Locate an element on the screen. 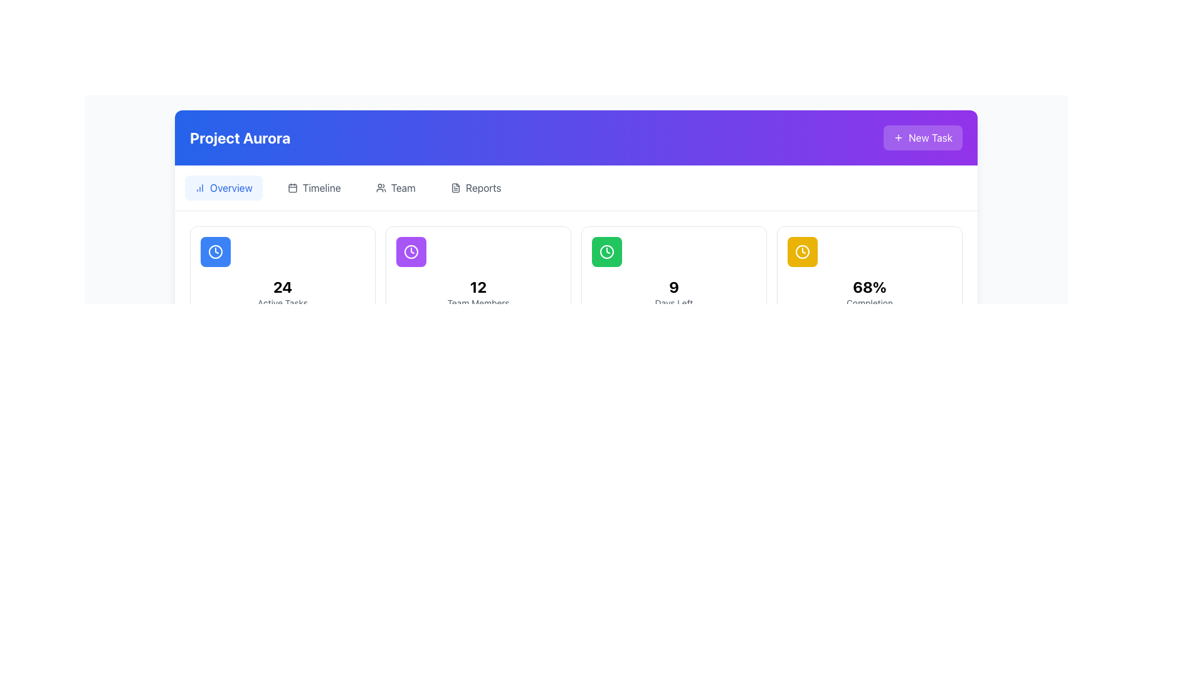  the 'Timeline' button in the navigation bar is located at coordinates (322, 188).